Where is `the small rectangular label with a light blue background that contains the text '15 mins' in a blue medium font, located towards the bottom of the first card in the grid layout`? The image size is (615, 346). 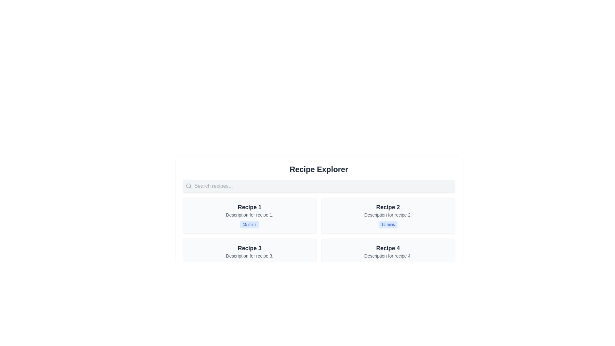 the small rectangular label with a light blue background that contains the text '15 mins' in a blue medium font, located towards the bottom of the first card in the grid layout is located at coordinates (249, 224).